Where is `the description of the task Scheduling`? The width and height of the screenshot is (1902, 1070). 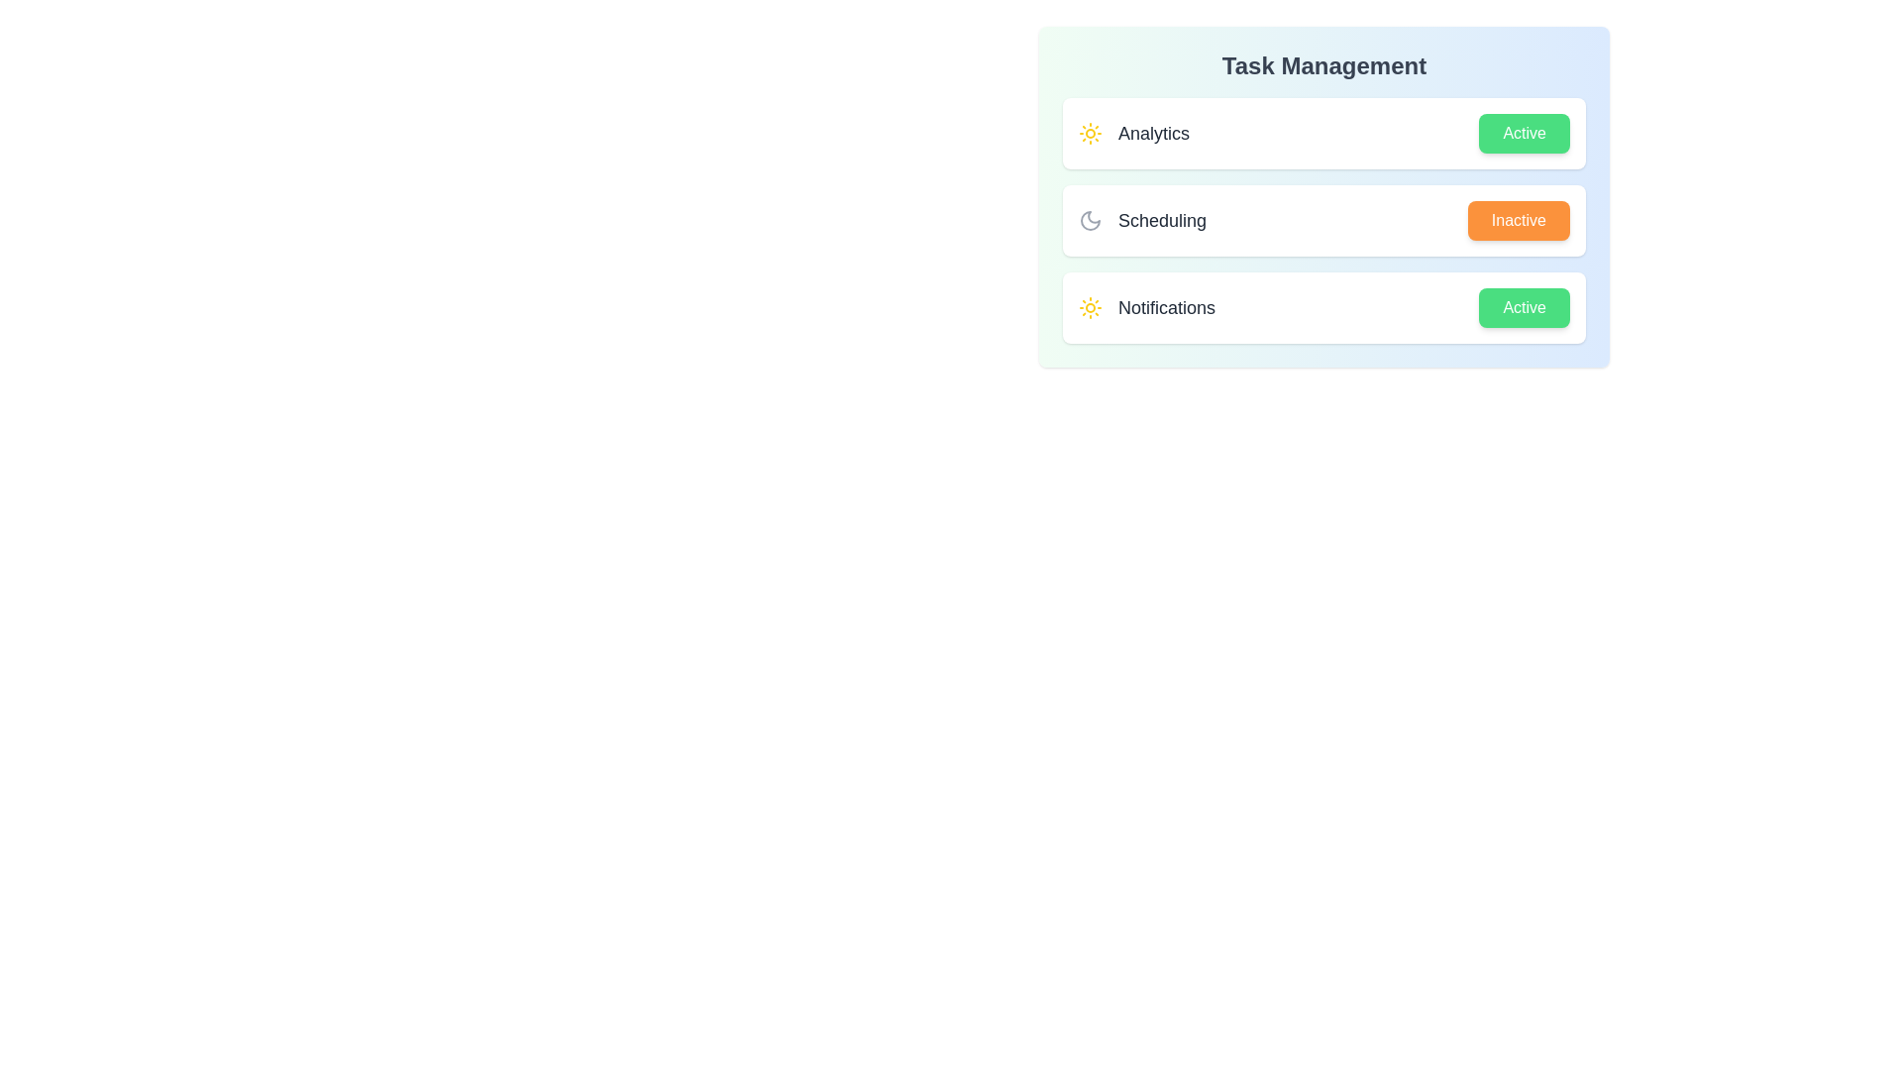 the description of the task Scheduling is located at coordinates (1141, 221).